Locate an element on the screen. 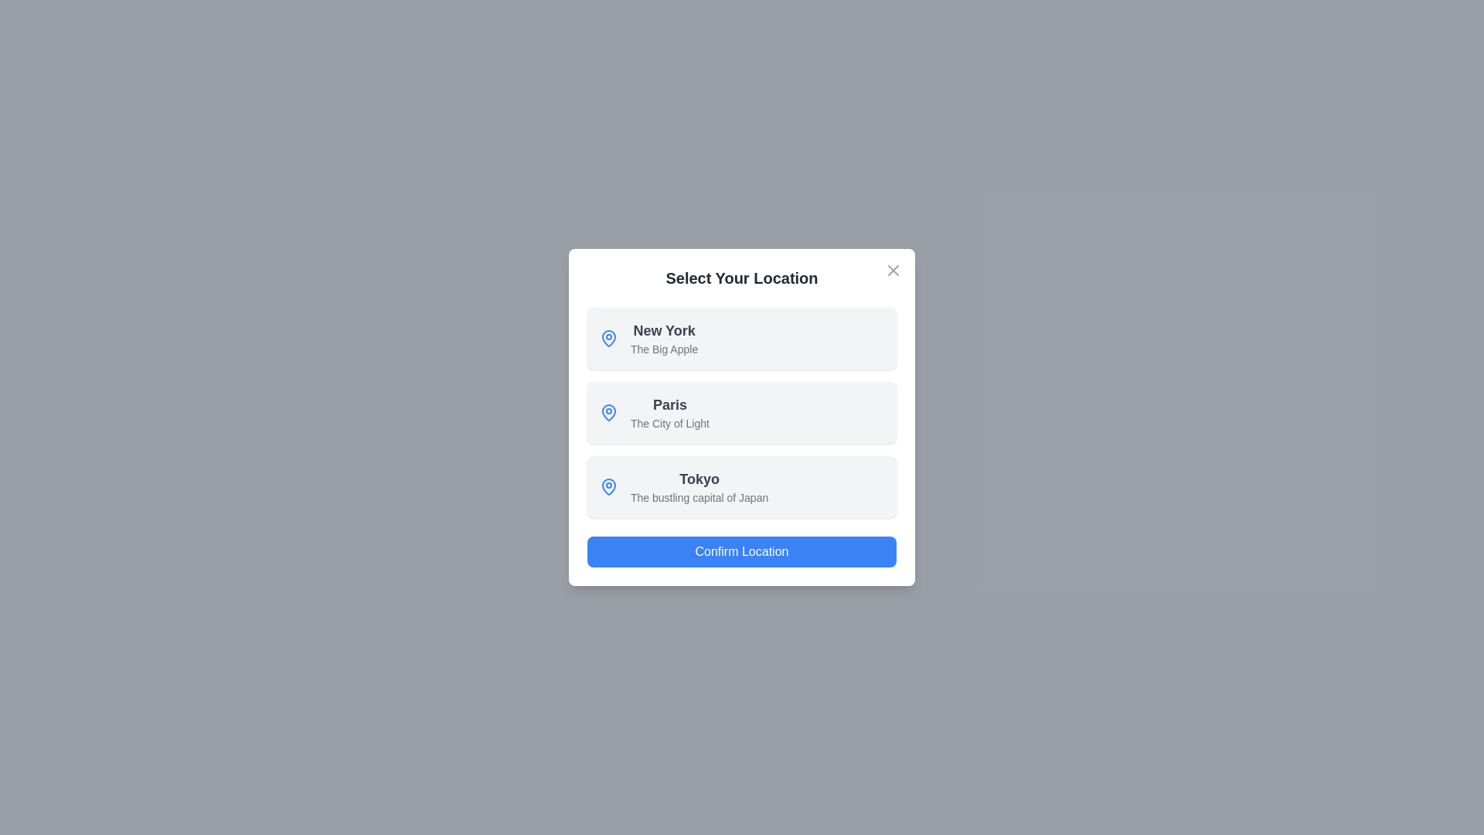 The width and height of the screenshot is (1484, 835). 'Confirm Location' button is located at coordinates (742, 550).